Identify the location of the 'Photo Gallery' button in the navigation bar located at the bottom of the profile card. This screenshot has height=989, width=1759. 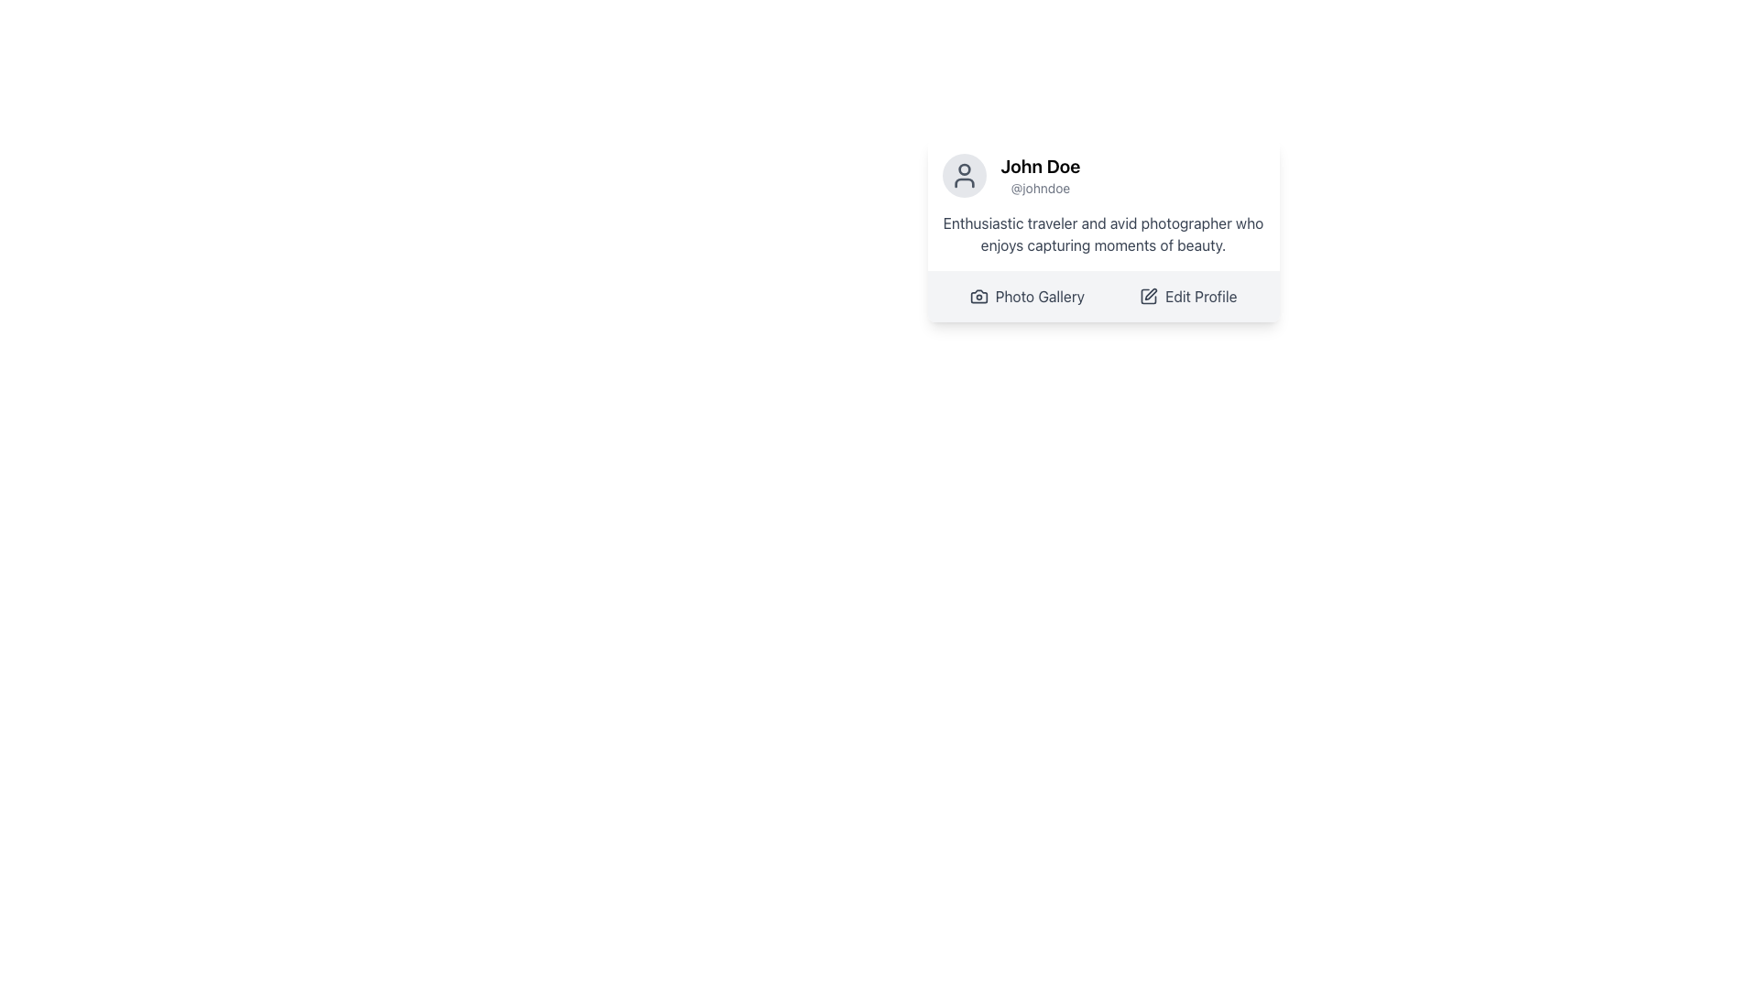
(1102, 296).